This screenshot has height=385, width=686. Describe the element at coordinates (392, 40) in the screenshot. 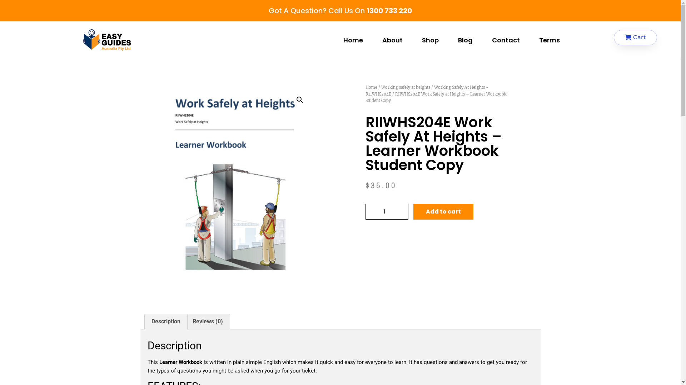

I see `'About'` at that location.